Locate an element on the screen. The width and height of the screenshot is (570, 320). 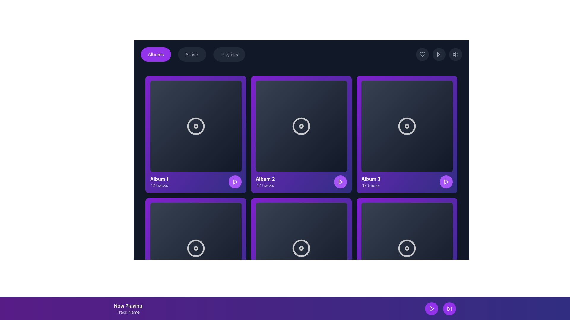
the bold, white 'Now Playing' text label located at the bottom center of the interface within the purple footer area is located at coordinates (128, 306).